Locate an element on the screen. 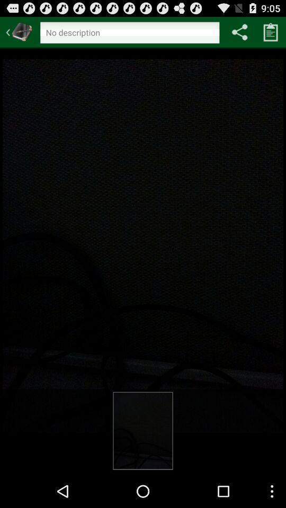 This screenshot has width=286, height=508. clipboard icon is located at coordinates (271, 31).